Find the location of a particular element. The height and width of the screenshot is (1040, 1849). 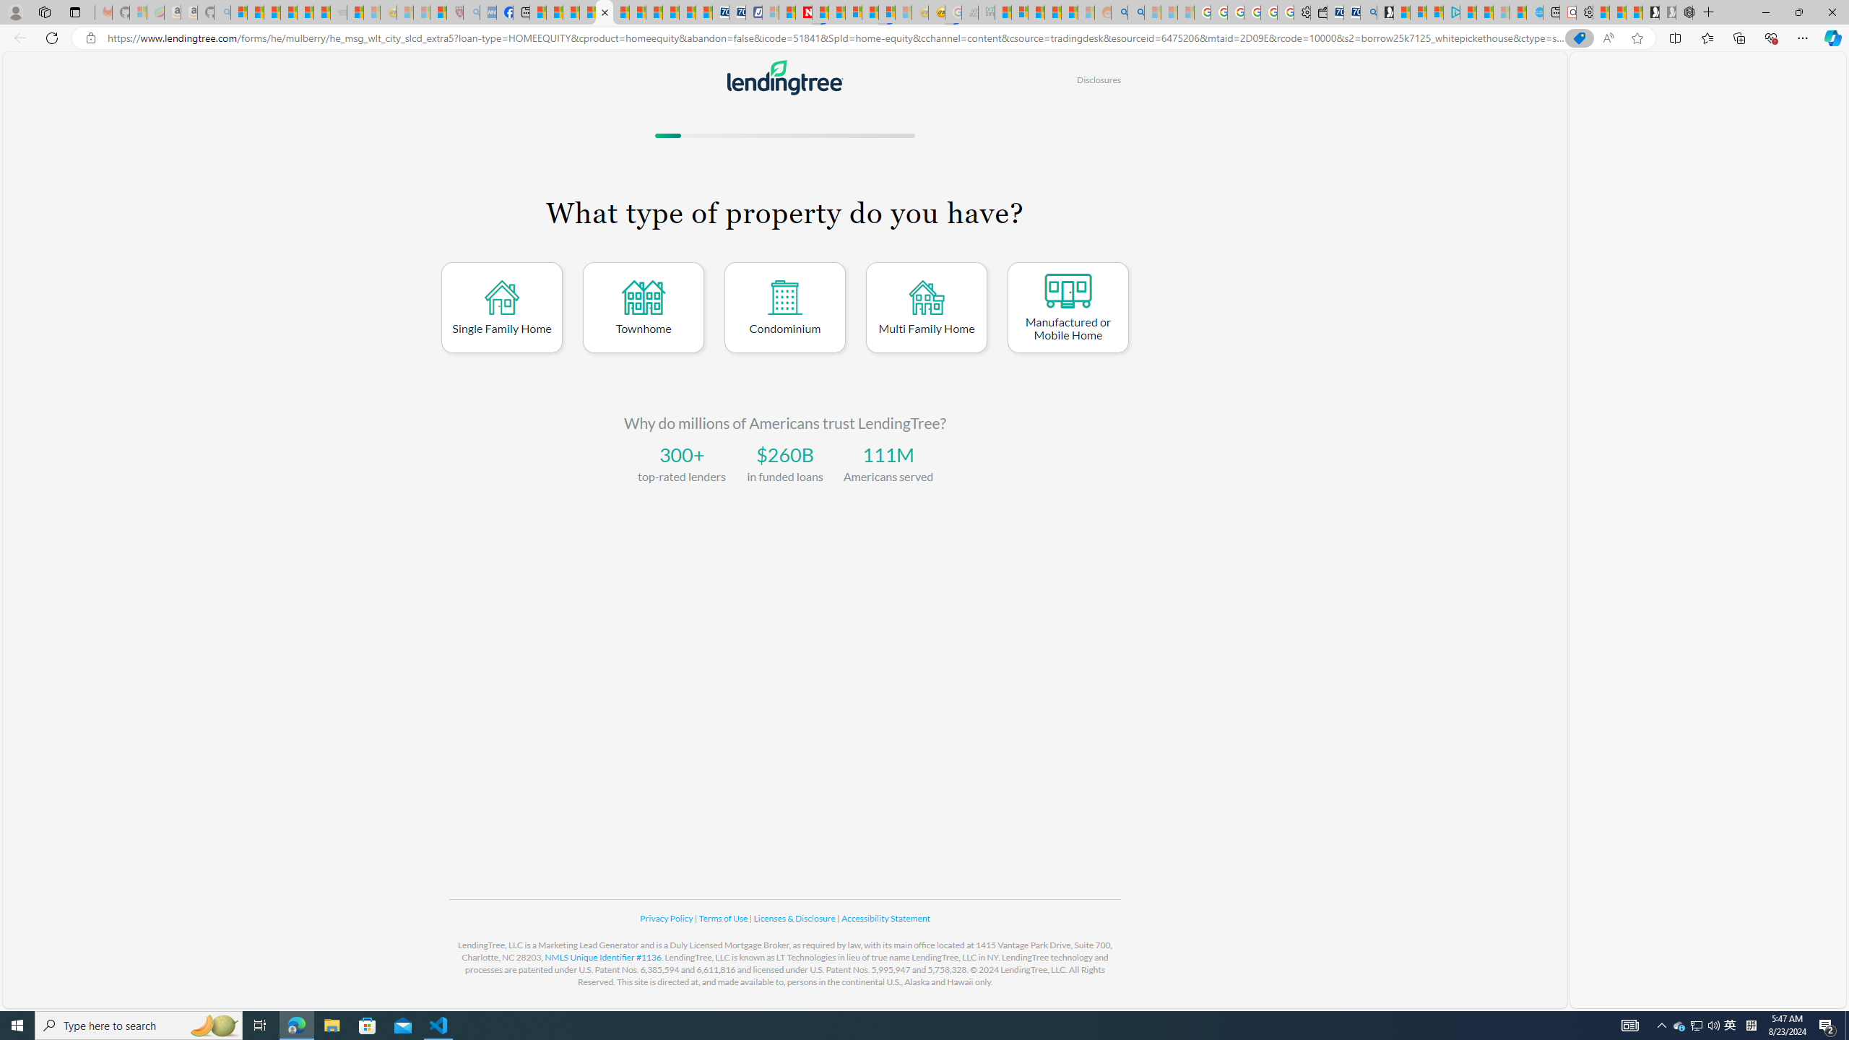

'Wallet' is located at coordinates (1318, 12).